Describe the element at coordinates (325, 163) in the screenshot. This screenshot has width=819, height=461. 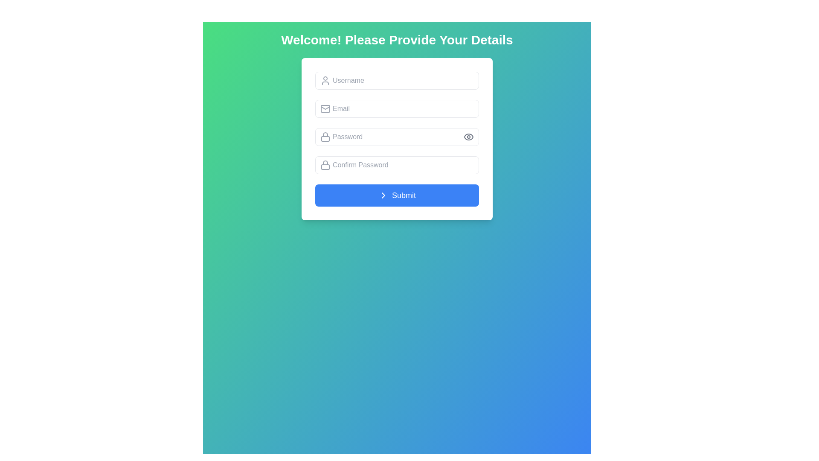
I see `the upper section of the lock icon, which is adjacent to the 'Confirm Password' input field, to signify security options` at that location.